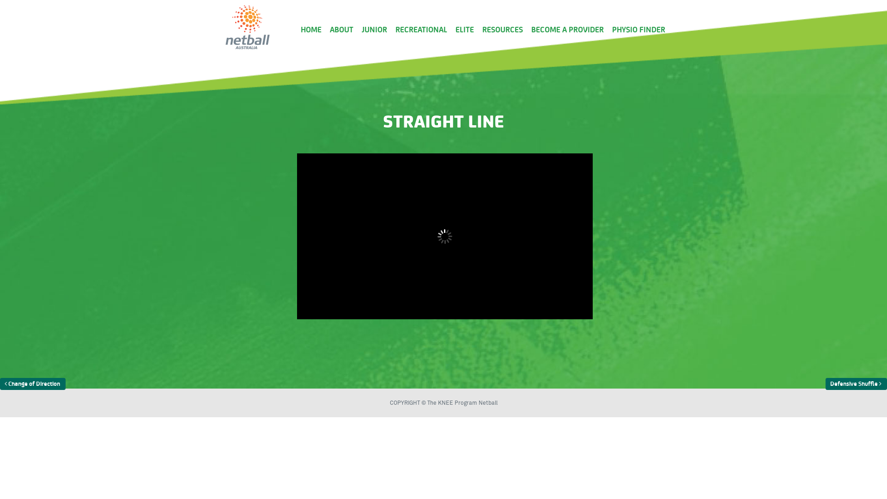 The width and height of the screenshot is (887, 499). What do you see at coordinates (447, 29) in the screenshot?
I see `'ELITE'` at bounding box center [447, 29].